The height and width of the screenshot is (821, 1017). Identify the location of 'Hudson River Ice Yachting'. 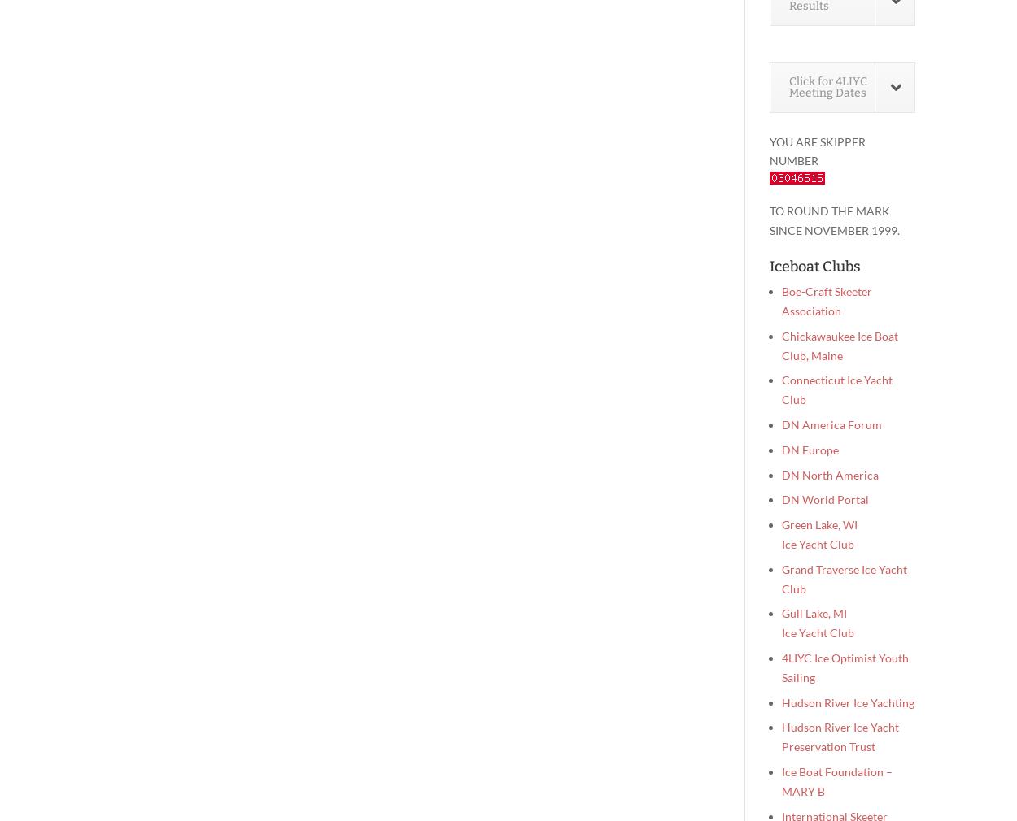
(848, 702).